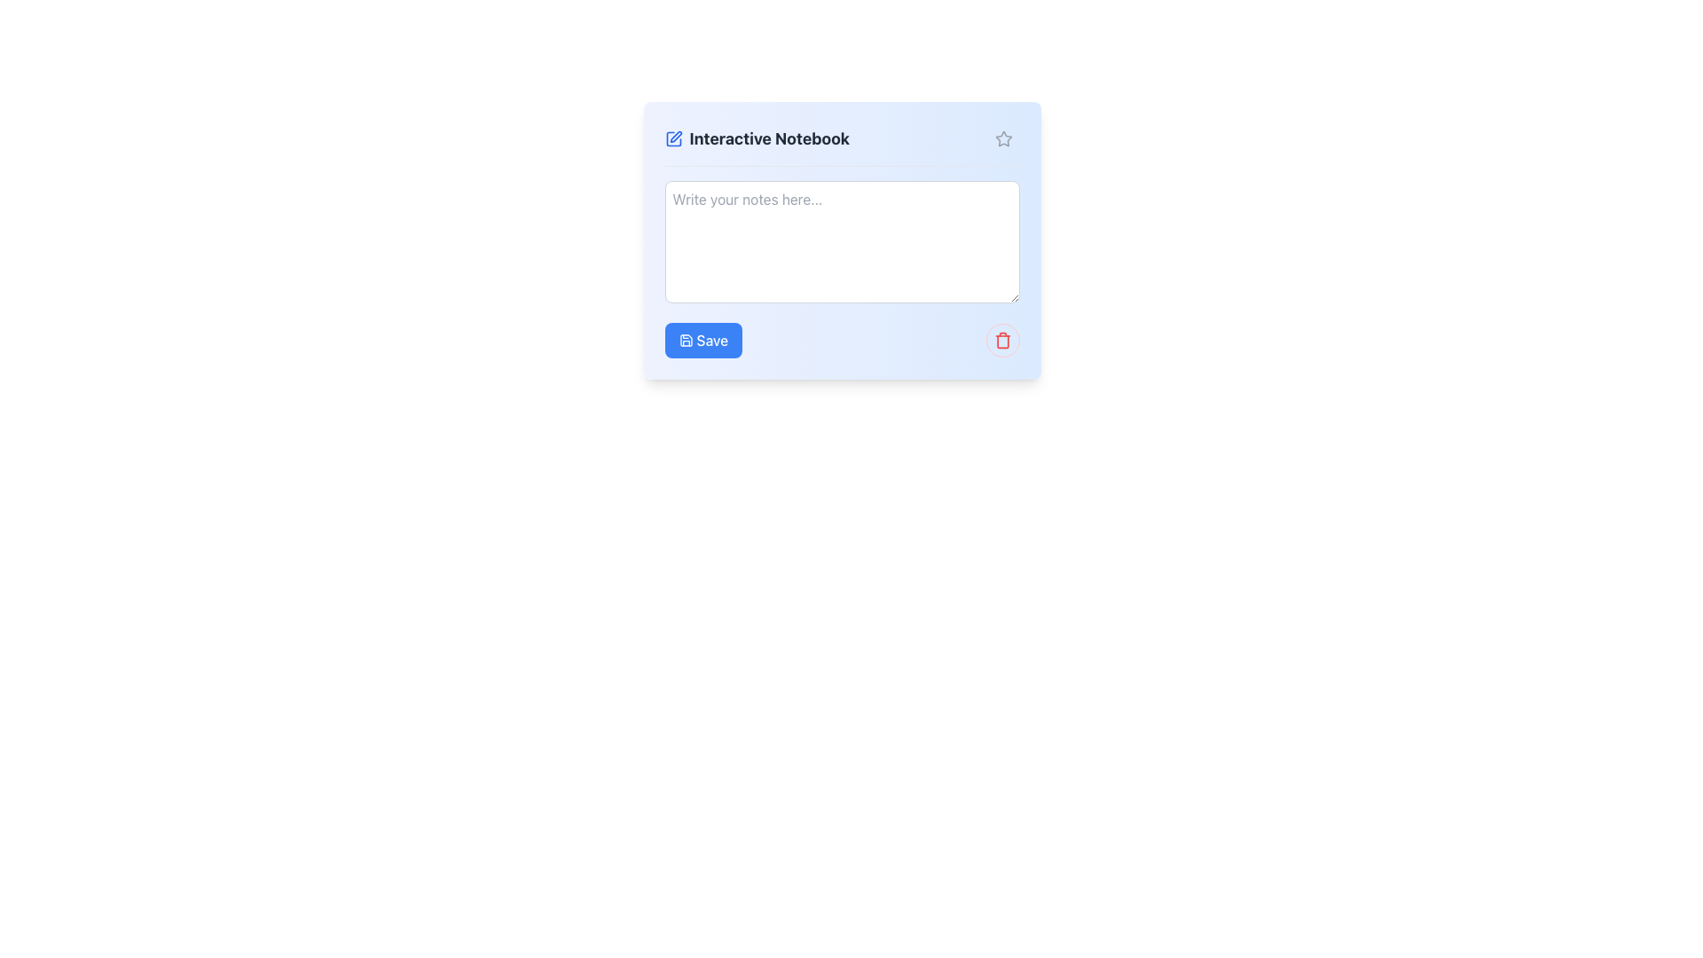  I want to click on the bold blue 'Save' button located at the bottom-left corner of the card interface, so click(712, 341).